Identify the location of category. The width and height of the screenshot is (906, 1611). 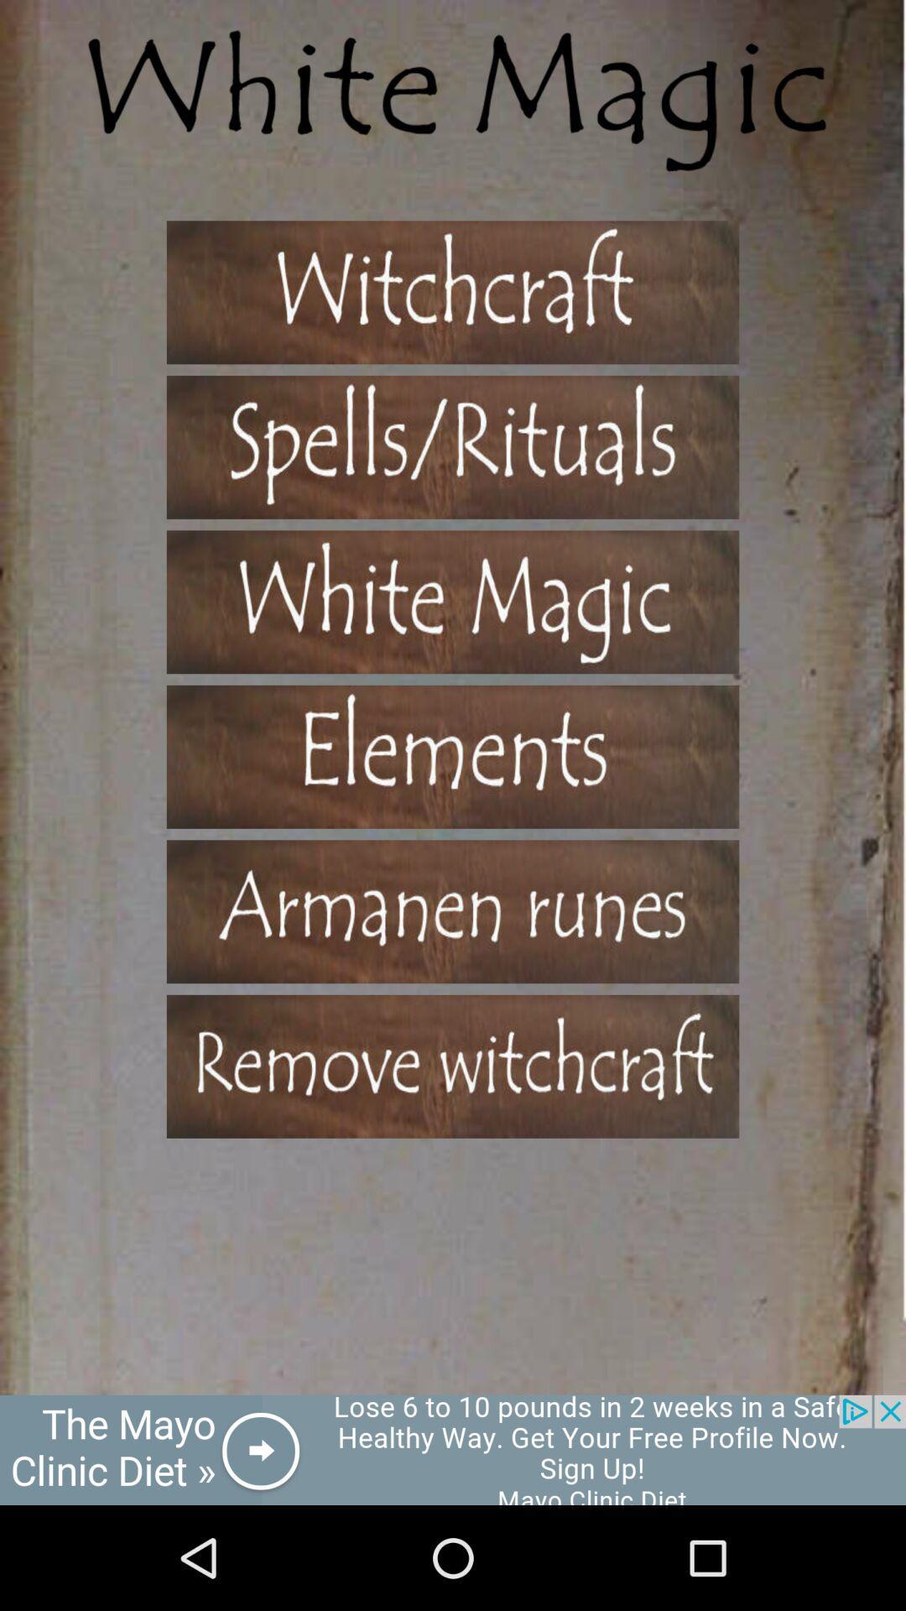
(453, 756).